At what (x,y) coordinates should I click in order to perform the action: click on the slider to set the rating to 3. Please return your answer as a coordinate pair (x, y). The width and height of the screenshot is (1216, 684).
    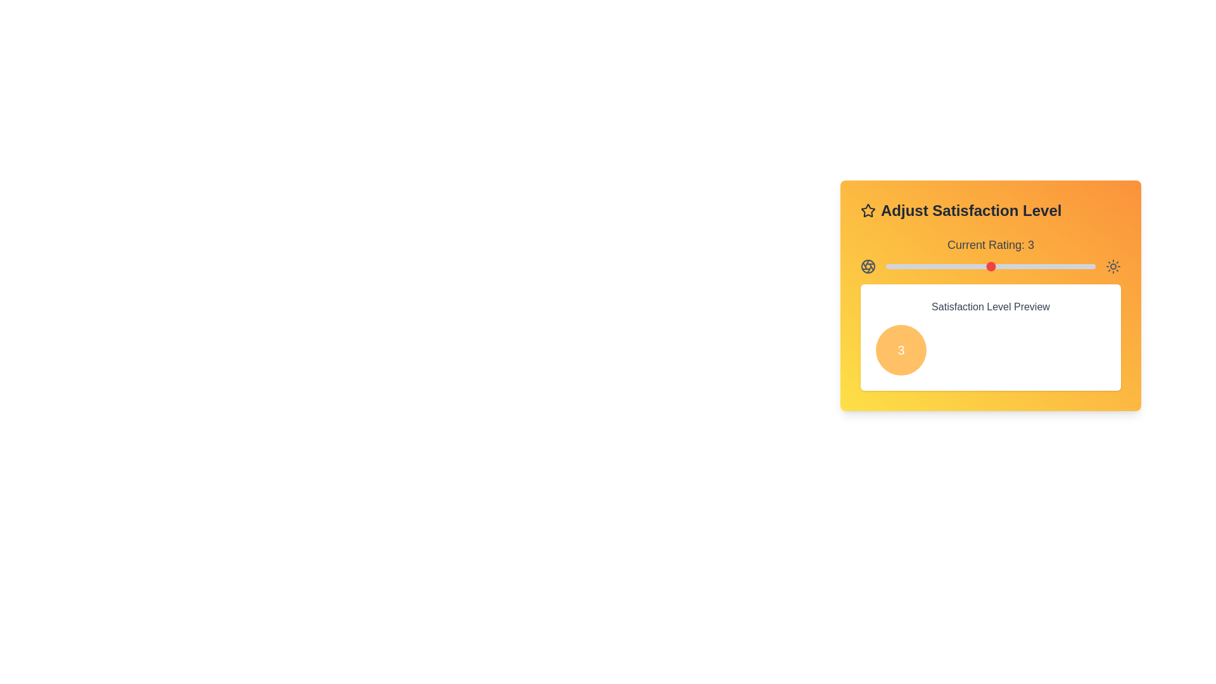
    Looking at the image, I should click on (990, 265).